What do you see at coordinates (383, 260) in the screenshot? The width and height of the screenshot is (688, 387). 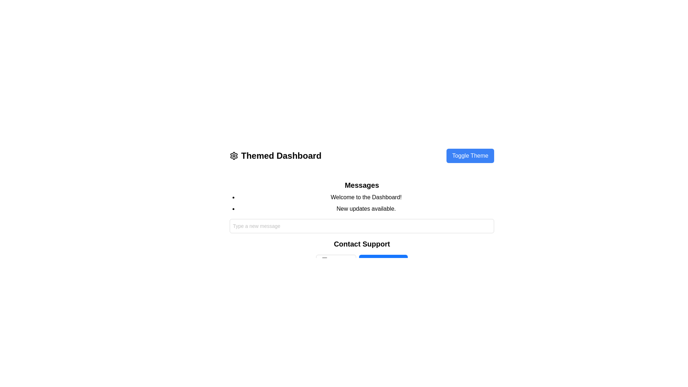 I see `the 'Visit Help Center' button` at bounding box center [383, 260].